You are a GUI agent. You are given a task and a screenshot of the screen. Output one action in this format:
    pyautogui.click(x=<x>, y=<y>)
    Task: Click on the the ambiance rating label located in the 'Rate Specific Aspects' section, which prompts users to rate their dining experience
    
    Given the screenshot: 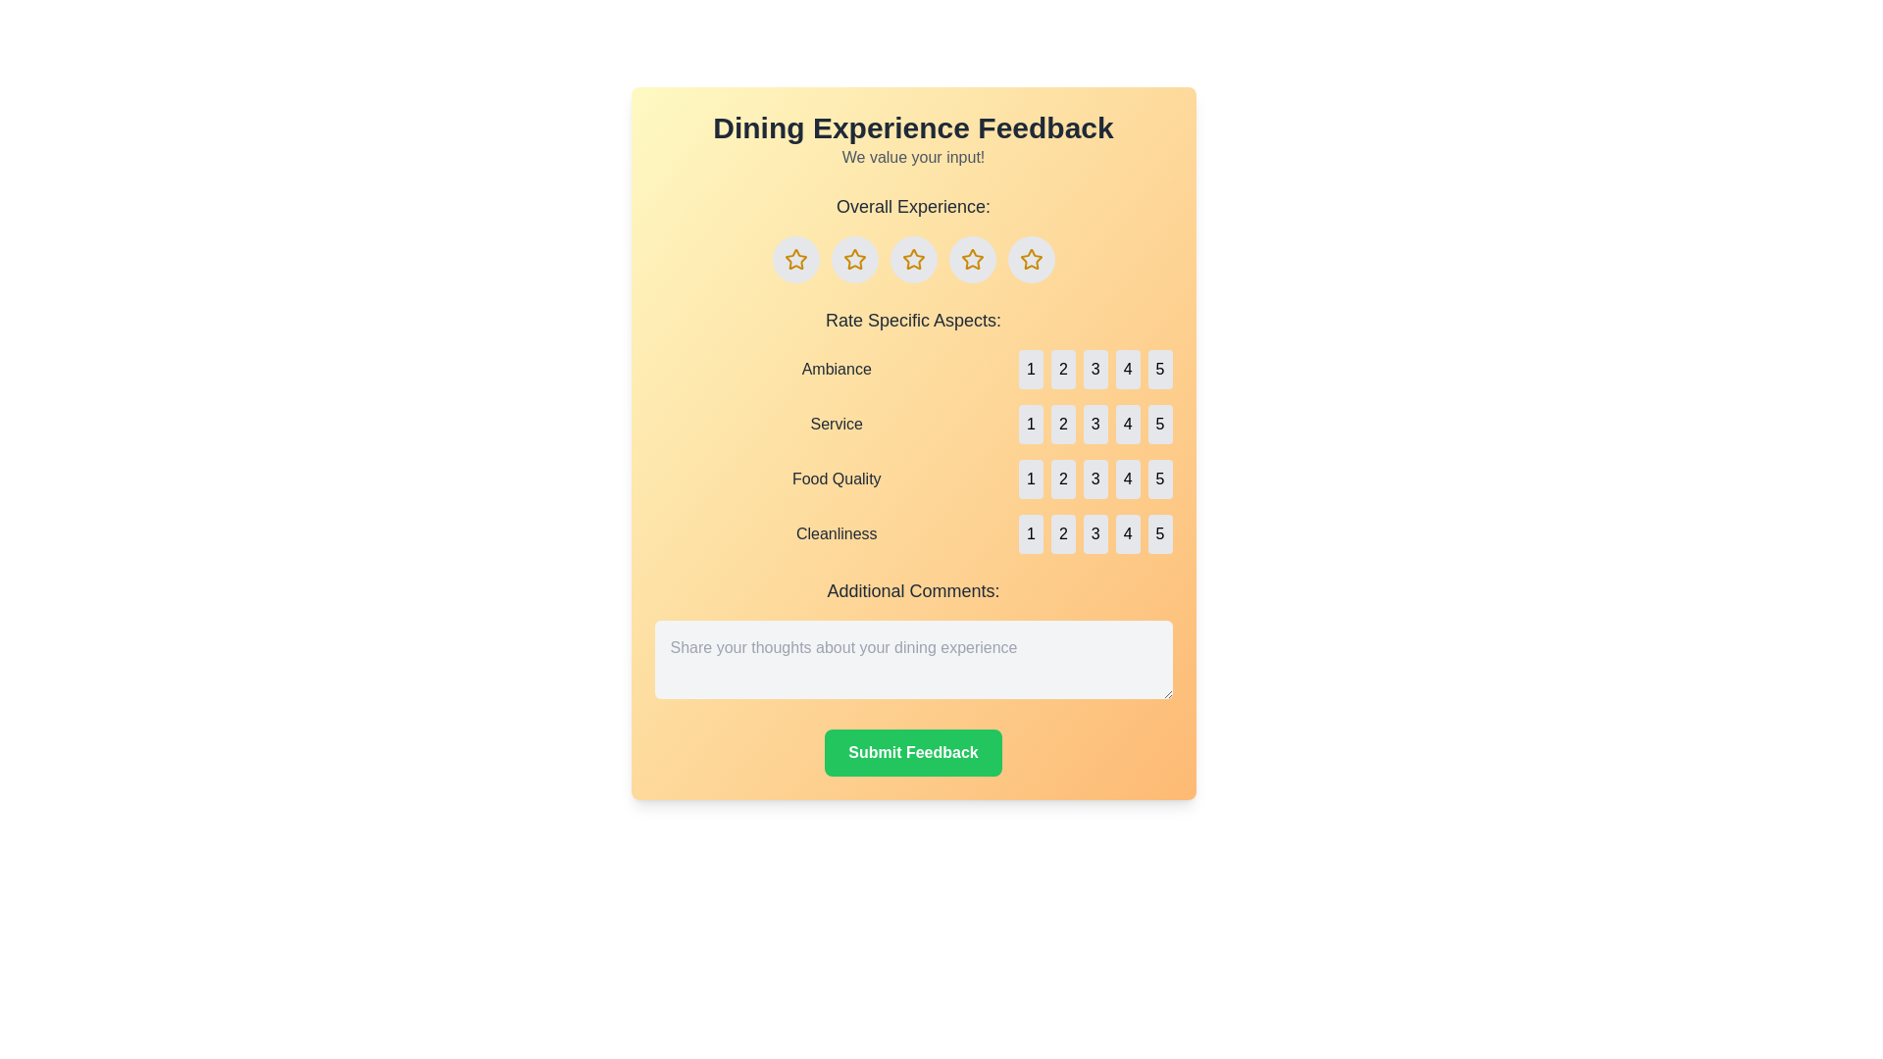 What is the action you would take?
    pyautogui.click(x=837, y=370)
    